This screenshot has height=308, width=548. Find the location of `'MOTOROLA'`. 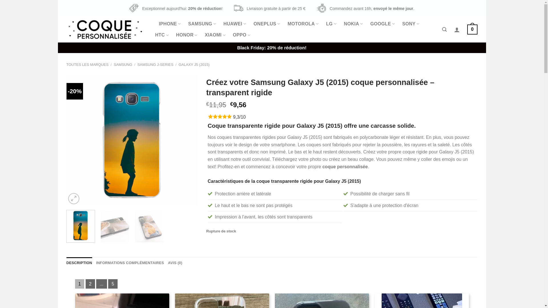

'MOTOROLA' is located at coordinates (303, 23).